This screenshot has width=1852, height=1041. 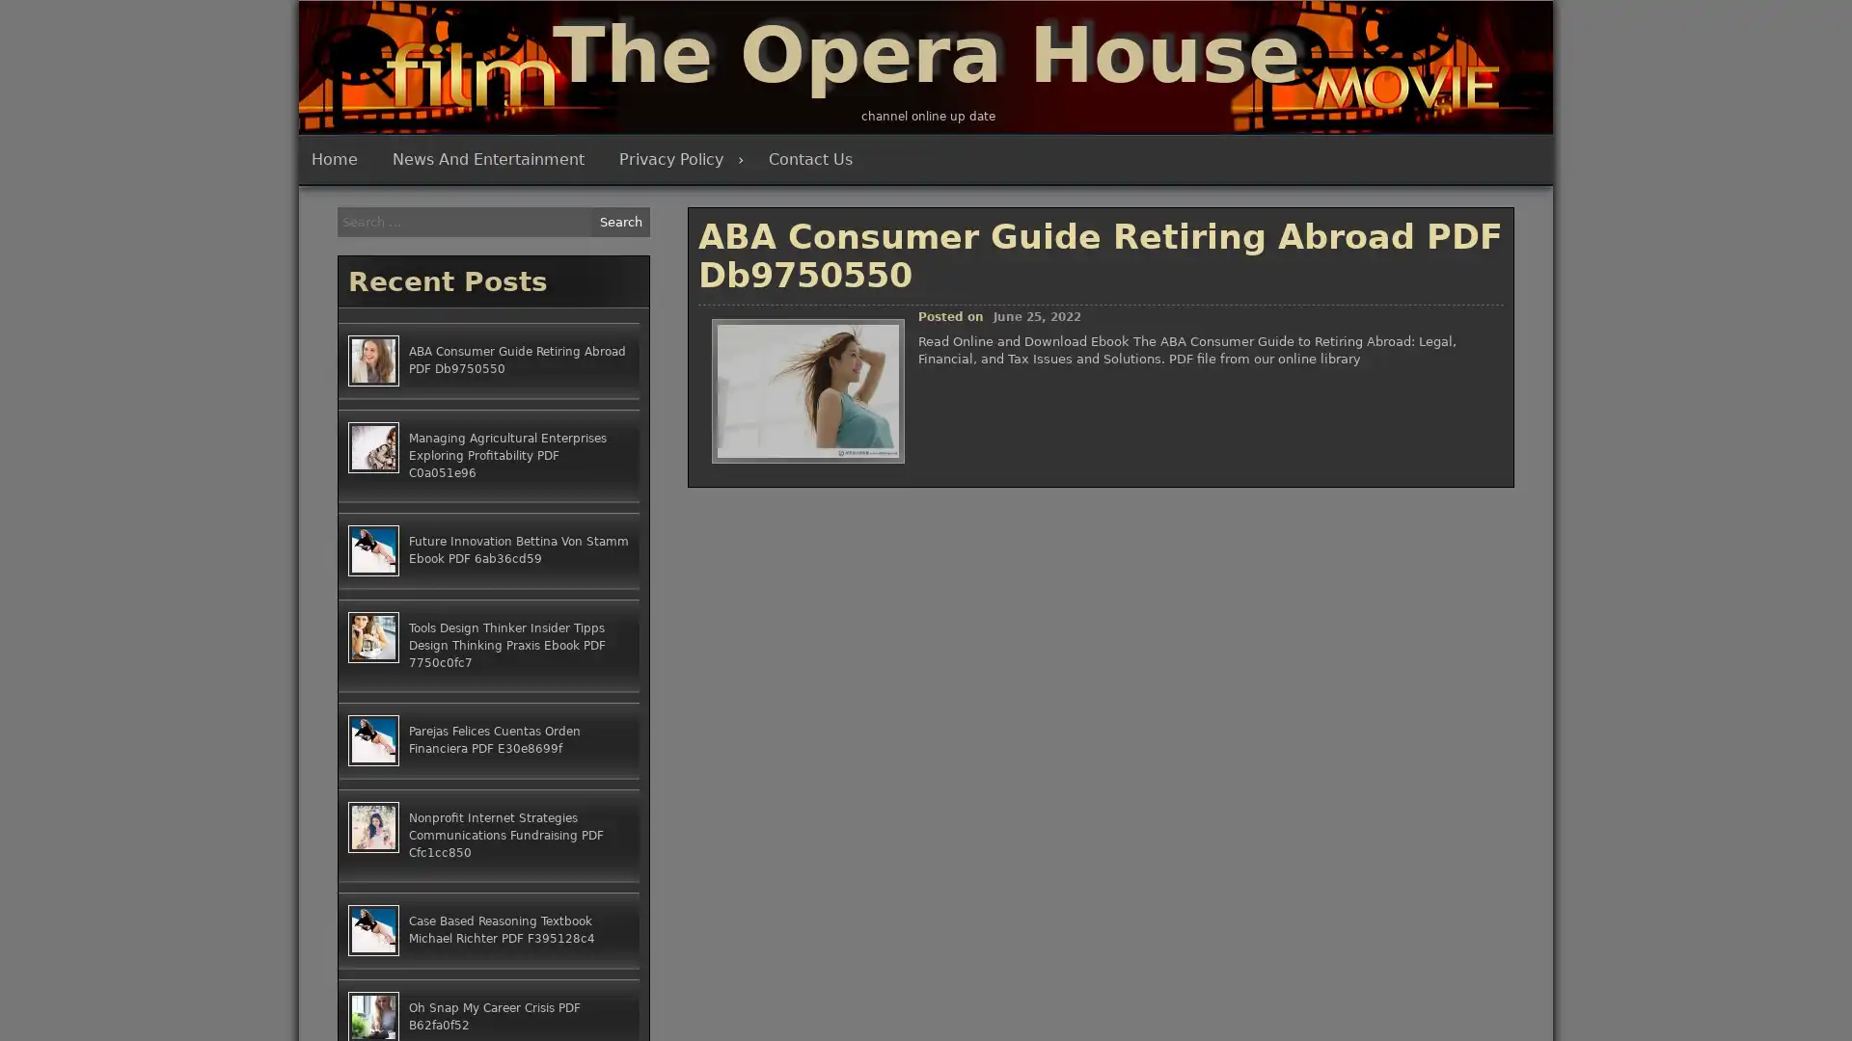 I want to click on Search, so click(x=620, y=221).